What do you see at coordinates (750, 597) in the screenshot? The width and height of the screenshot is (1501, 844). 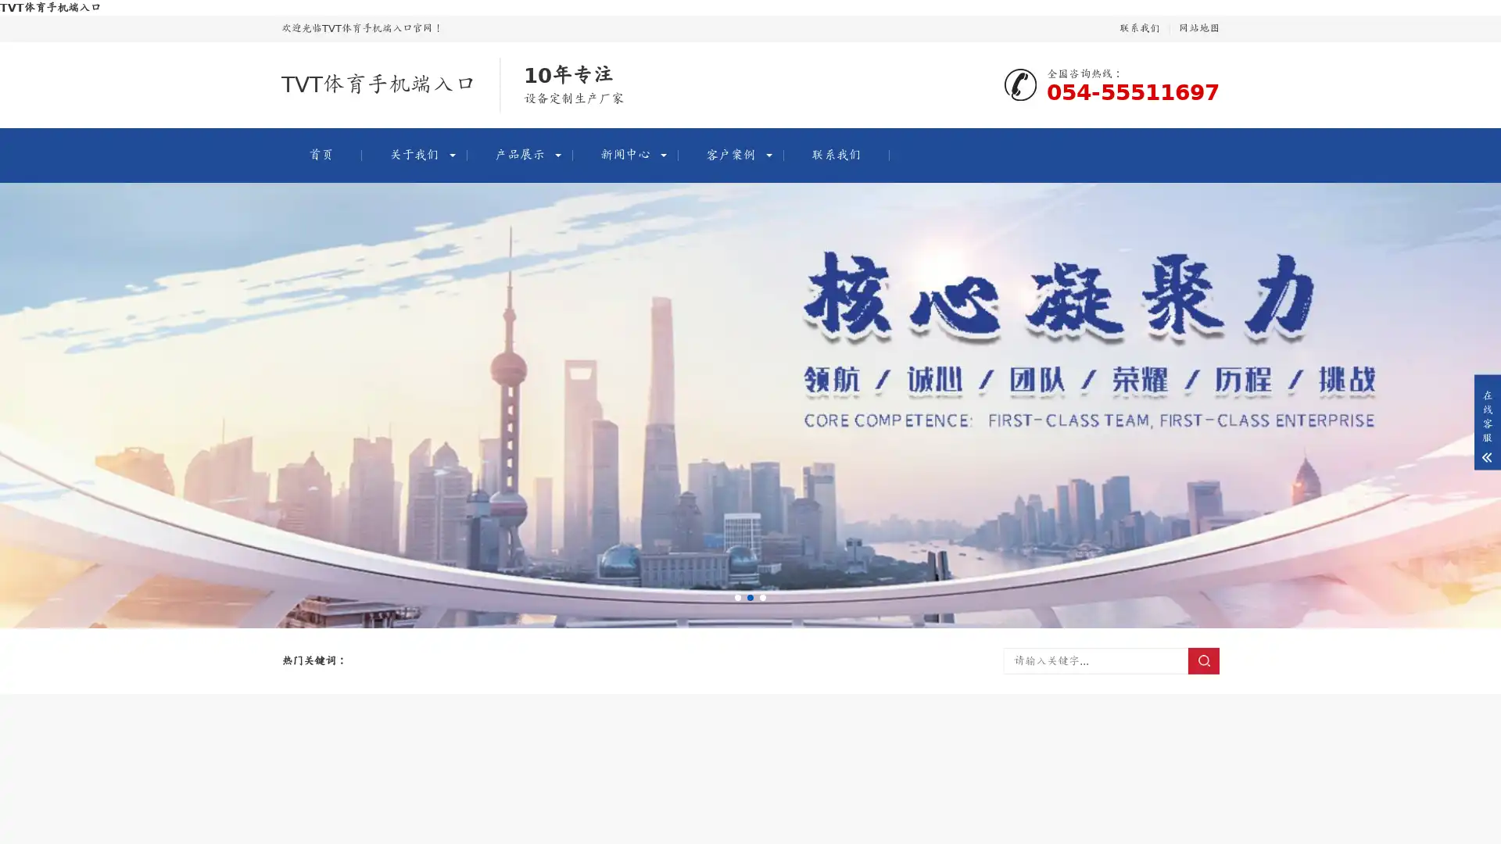 I see `Go to slide 2` at bounding box center [750, 597].